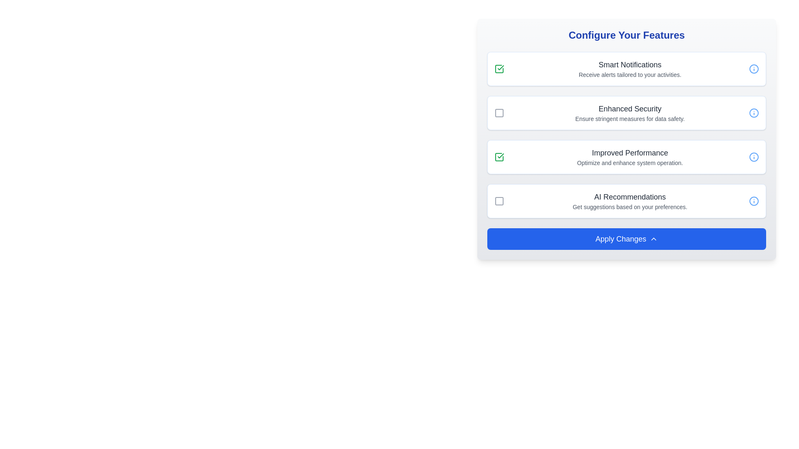  Describe the element at coordinates (754, 68) in the screenshot. I see `the info icon (SVG circle) for the 'Smart Notifications' setting, located at the far-right end of its row in the vertical list of feature configurations` at that location.